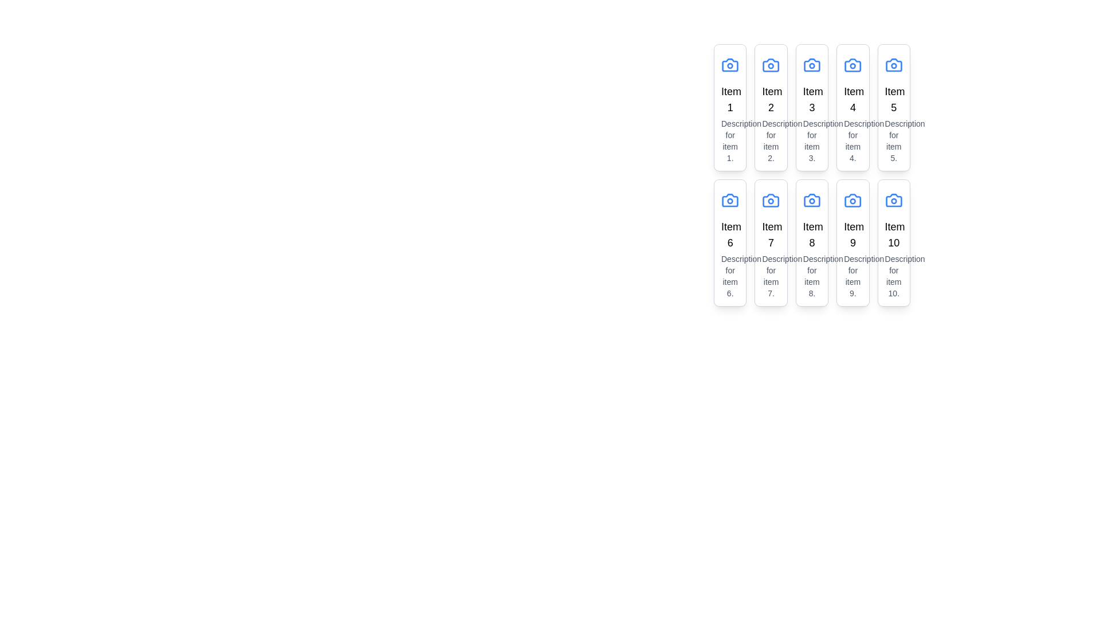 This screenshot has width=1100, height=619. What do you see at coordinates (729, 276) in the screenshot?
I see `descriptive text label about 'Item 6' located in the second row, first column of the grid of cards, specifically positioned below the 'Item 6' text` at bounding box center [729, 276].